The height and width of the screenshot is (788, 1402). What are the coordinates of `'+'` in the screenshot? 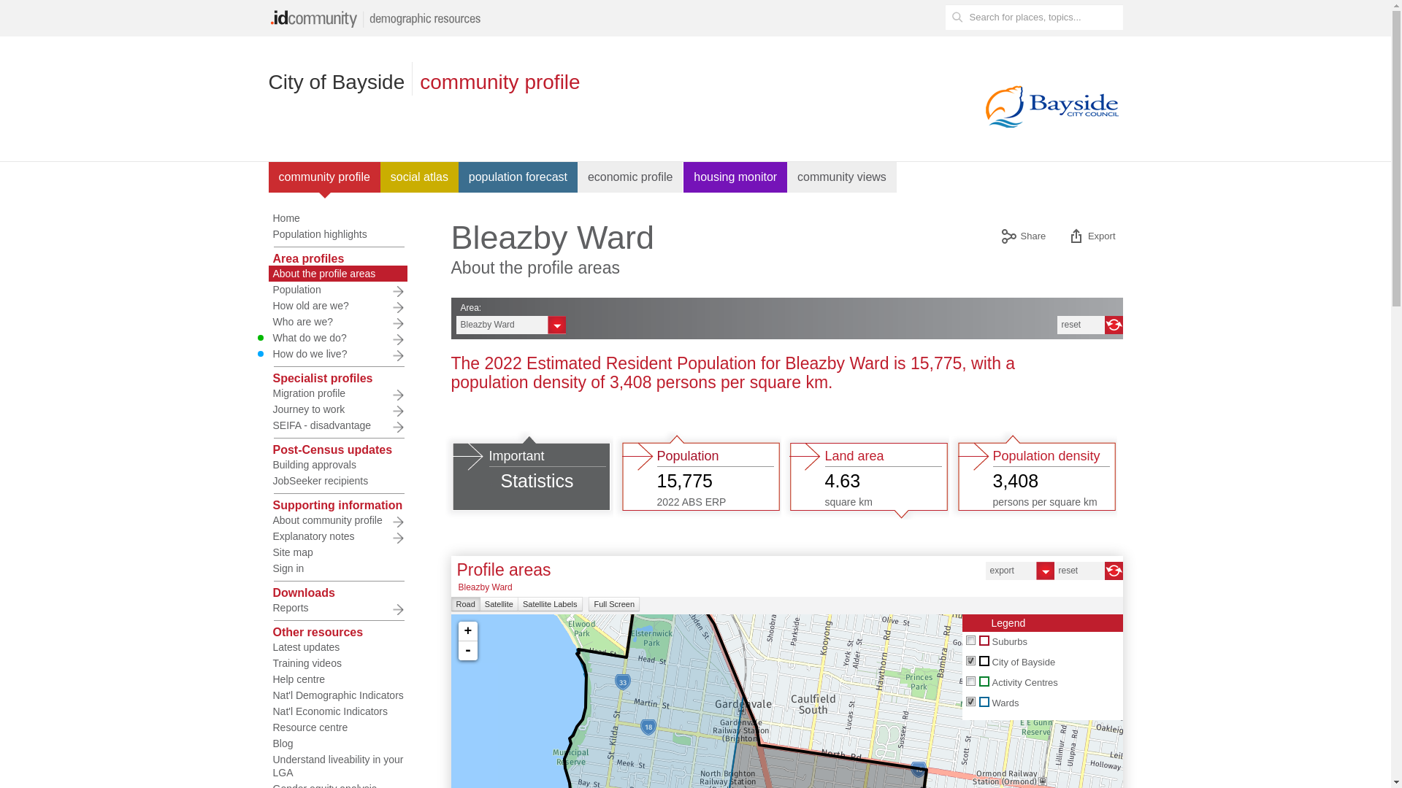 It's located at (468, 630).